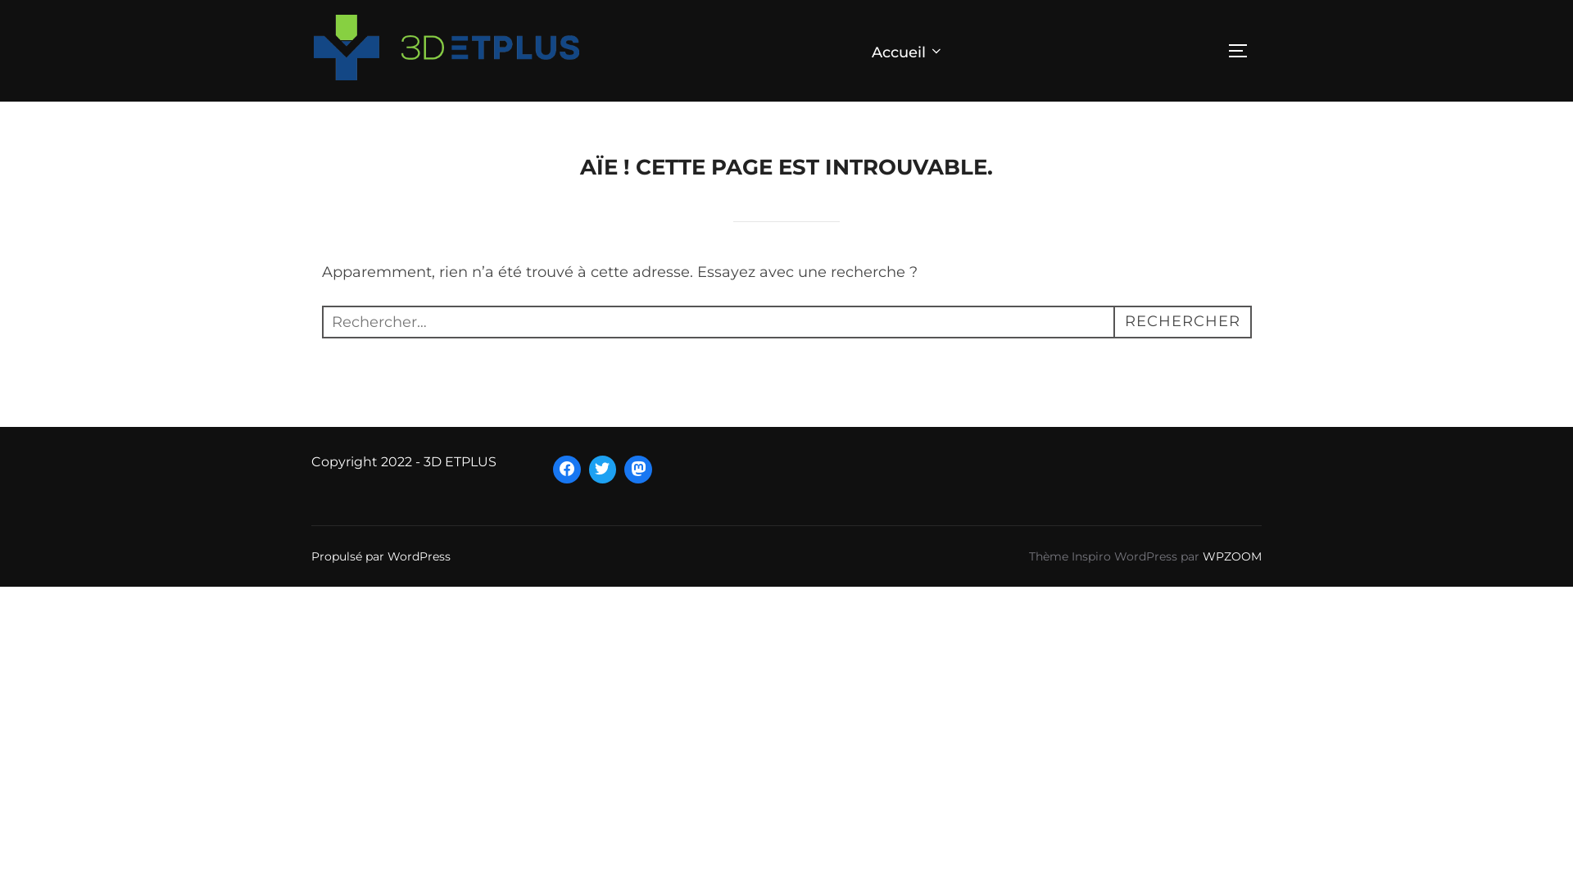 The image size is (1573, 885). Describe the element at coordinates (1231, 555) in the screenshot. I see `'WPZOOM'` at that location.